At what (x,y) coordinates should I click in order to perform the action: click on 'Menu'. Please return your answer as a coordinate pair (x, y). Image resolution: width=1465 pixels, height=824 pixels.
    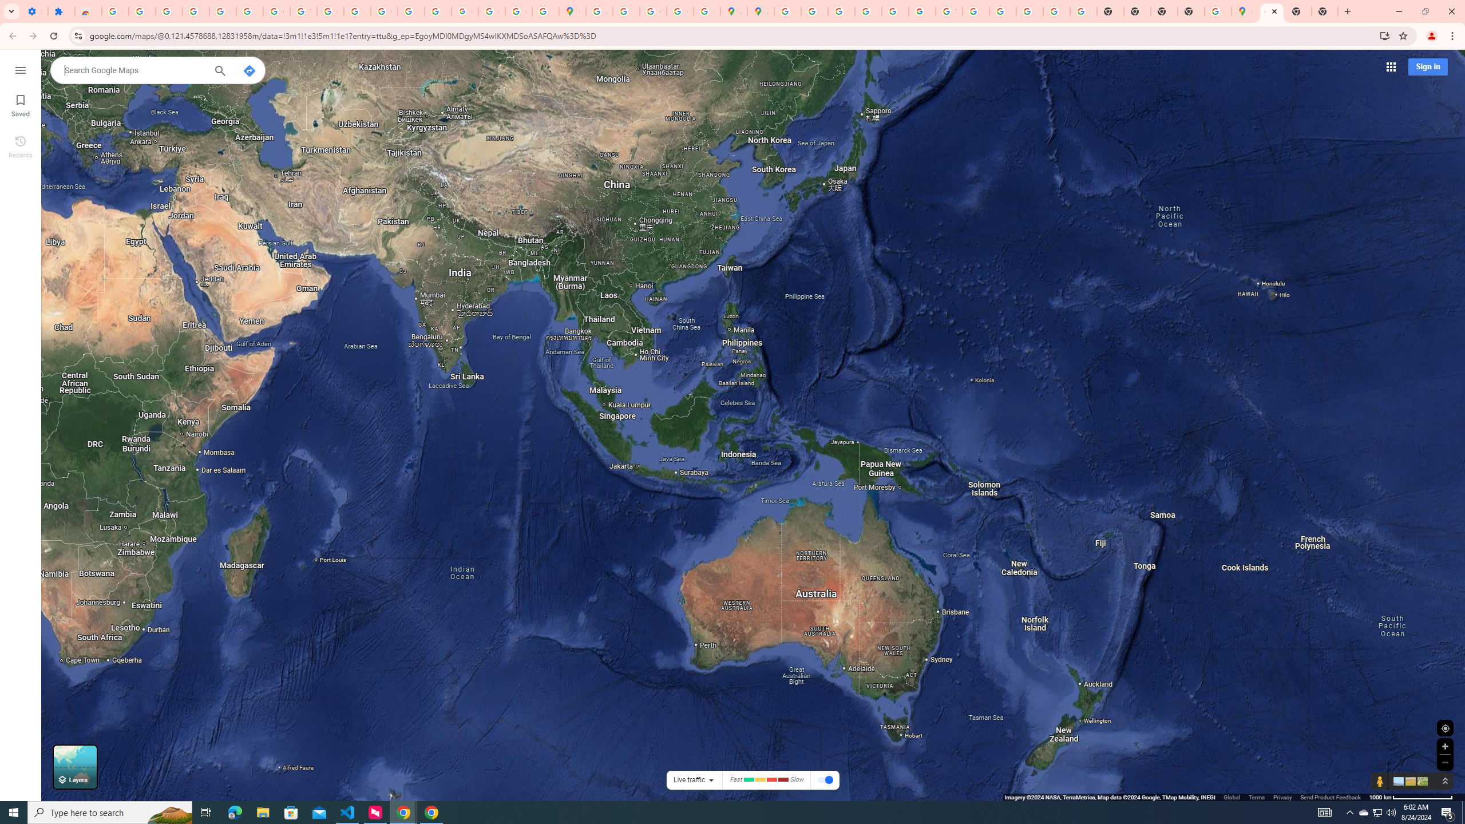
    Looking at the image, I should click on (19, 69).